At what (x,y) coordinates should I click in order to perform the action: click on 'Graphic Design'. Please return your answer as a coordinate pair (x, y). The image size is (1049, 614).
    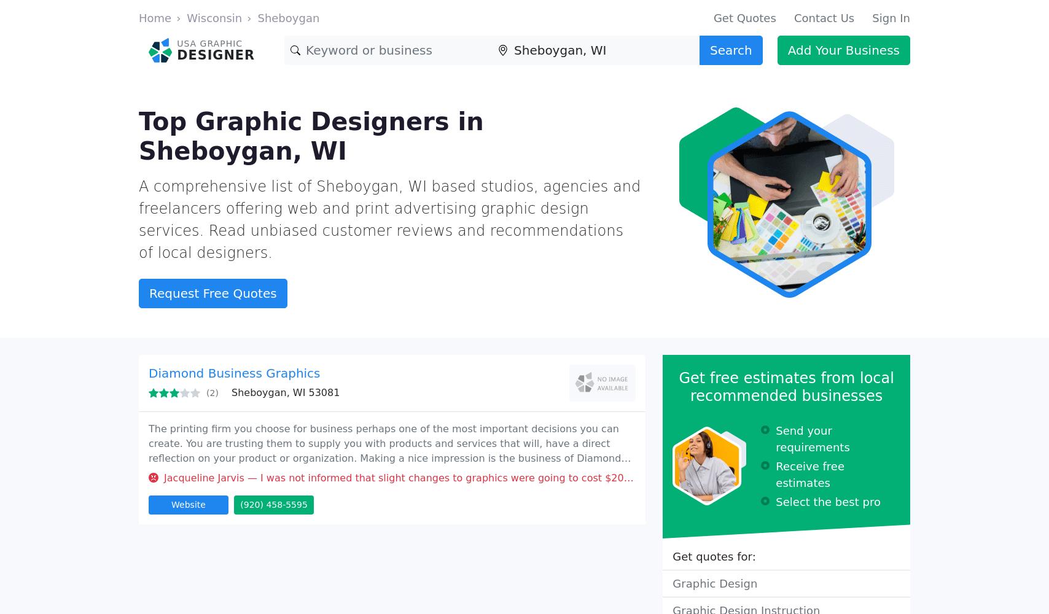
    Looking at the image, I should click on (715, 582).